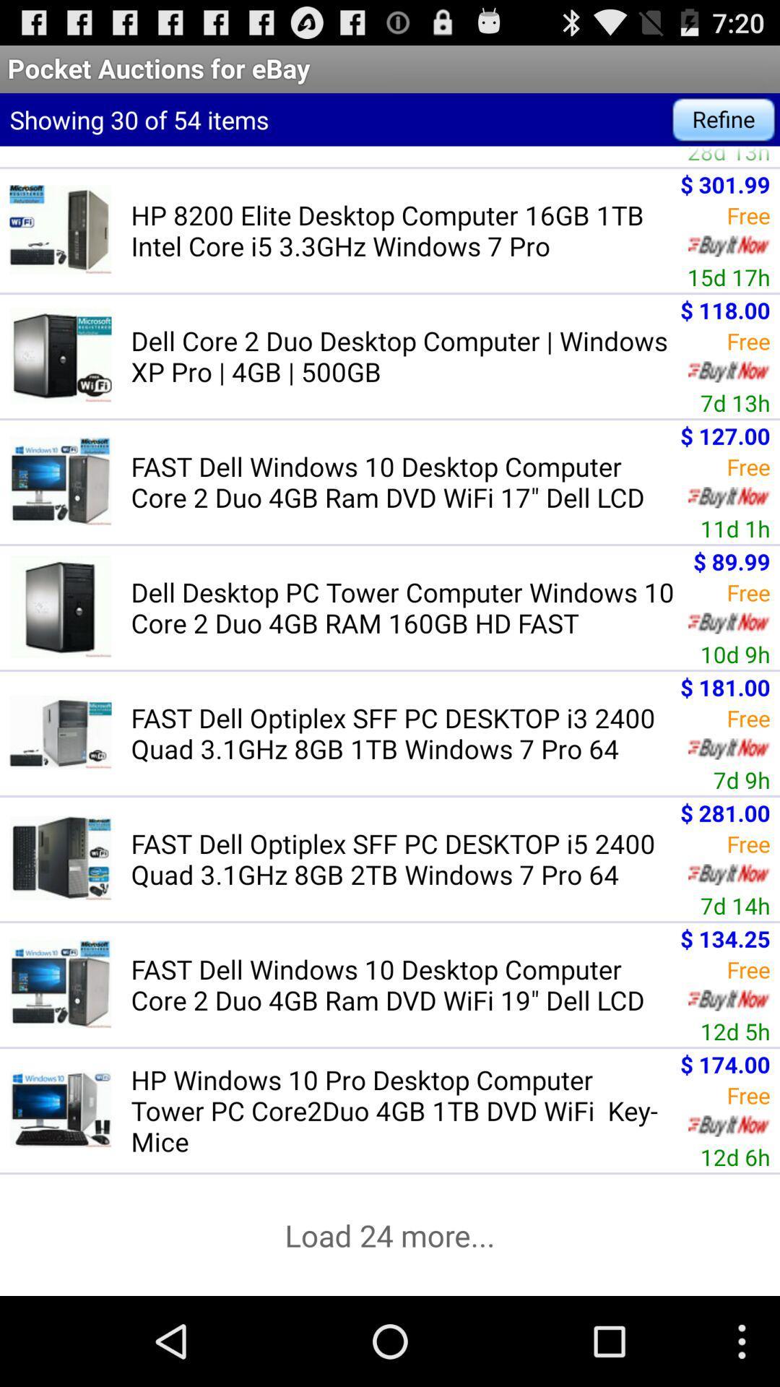  What do you see at coordinates (735, 1030) in the screenshot?
I see `icon next to the fast dell windows icon` at bounding box center [735, 1030].